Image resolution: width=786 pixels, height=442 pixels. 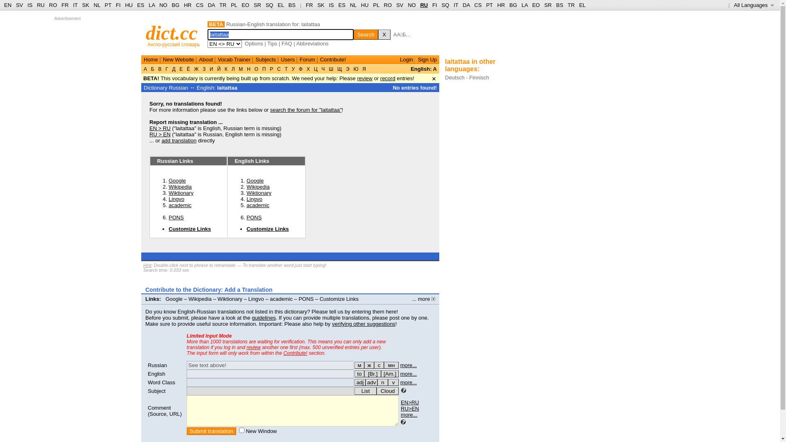 I want to click on 'SV', so click(x=16, y=5).